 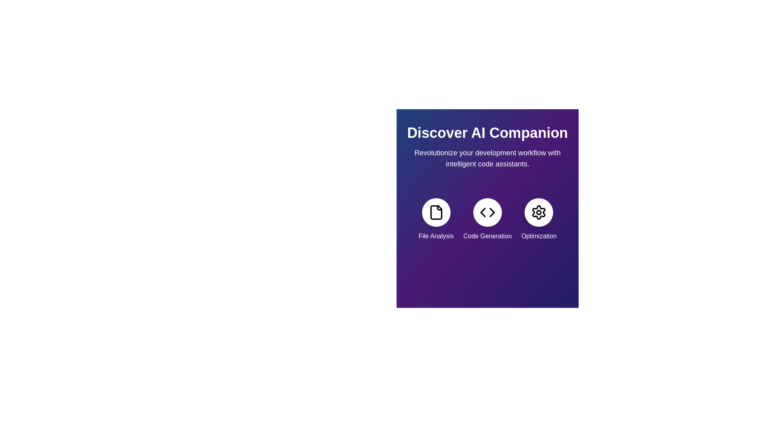 What do you see at coordinates (487, 212) in the screenshot?
I see `the 'Code Generation' Icon/Badge located at the center of its section` at bounding box center [487, 212].